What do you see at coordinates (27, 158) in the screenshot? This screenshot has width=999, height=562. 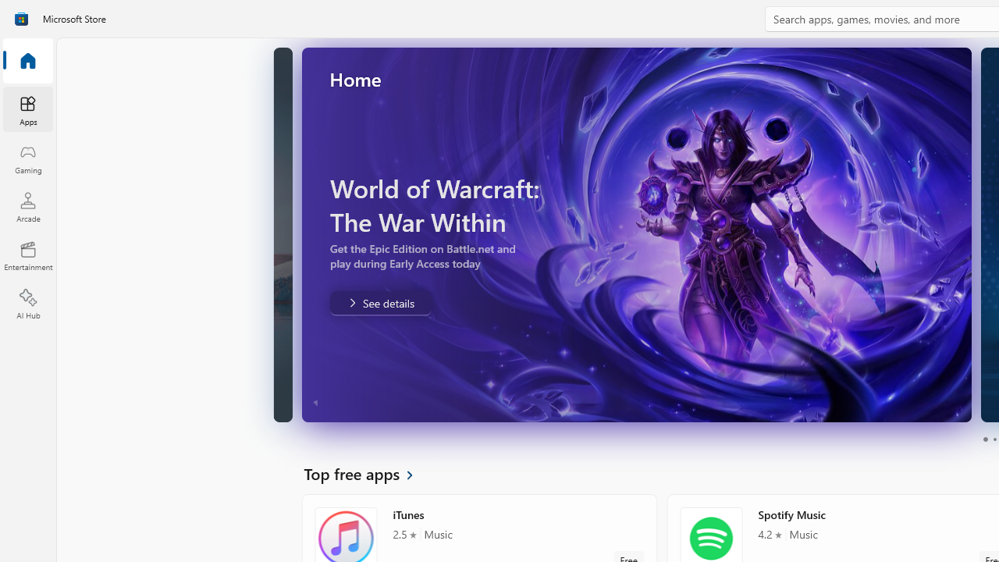 I see `'Gaming'` at bounding box center [27, 158].